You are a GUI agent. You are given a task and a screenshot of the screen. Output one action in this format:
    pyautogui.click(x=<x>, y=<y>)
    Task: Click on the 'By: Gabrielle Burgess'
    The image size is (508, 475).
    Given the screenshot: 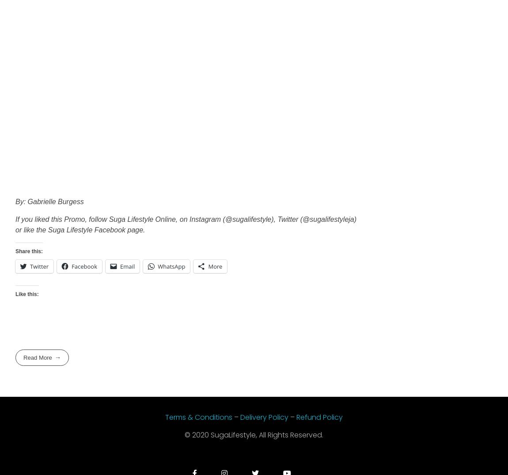 What is the action you would take?
    pyautogui.click(x=15, y=201)
    